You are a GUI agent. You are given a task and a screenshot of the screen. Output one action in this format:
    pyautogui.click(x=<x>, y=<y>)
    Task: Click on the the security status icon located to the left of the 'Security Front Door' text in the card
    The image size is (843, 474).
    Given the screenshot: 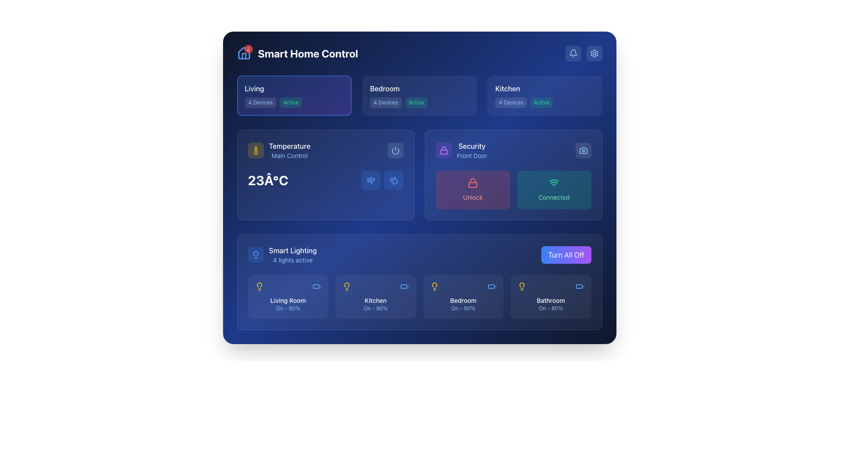 What is the action you would take?
    pyautogui.click(x=443, y=150)
    